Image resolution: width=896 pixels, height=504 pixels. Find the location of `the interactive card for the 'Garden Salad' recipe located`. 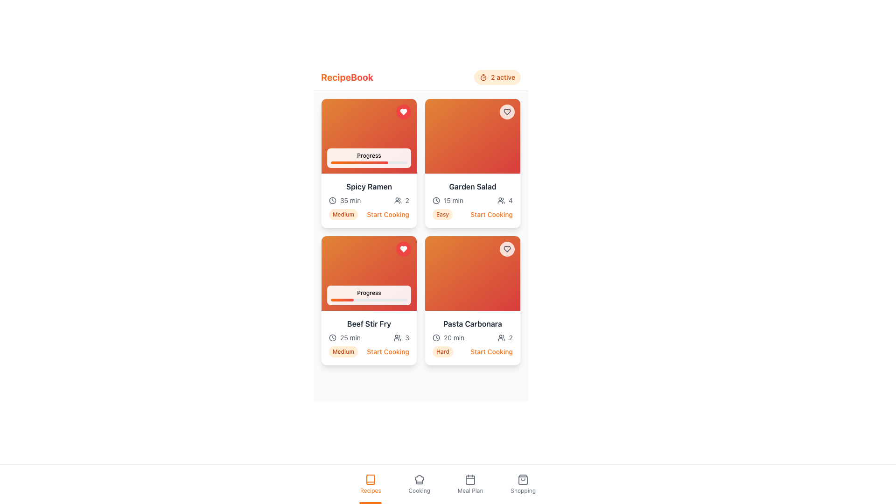

the interactive card for the 'Garden Salad' recipe located is located at coordinates (472, 163).